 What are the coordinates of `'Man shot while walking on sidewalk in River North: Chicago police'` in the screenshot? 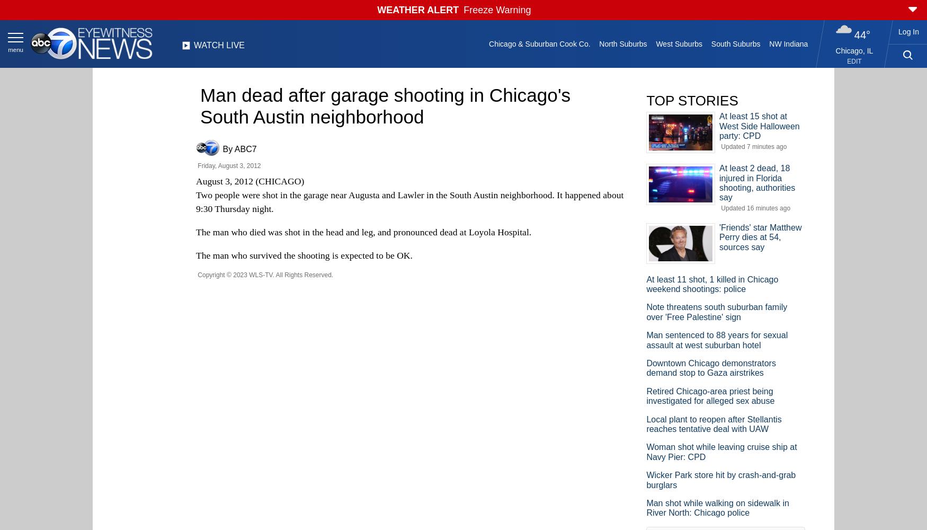 It's located at (646, 507).